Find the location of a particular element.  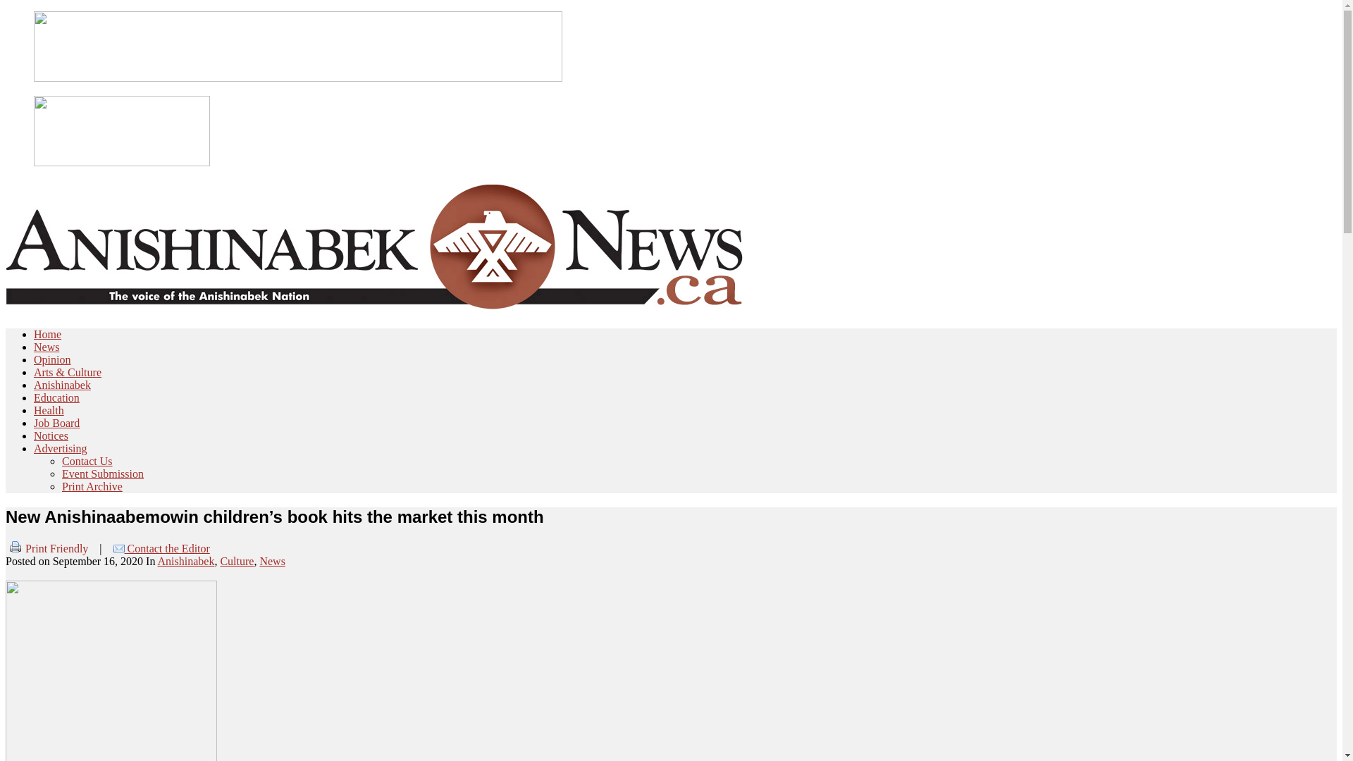

'News' is located at coordinates (259, 560).